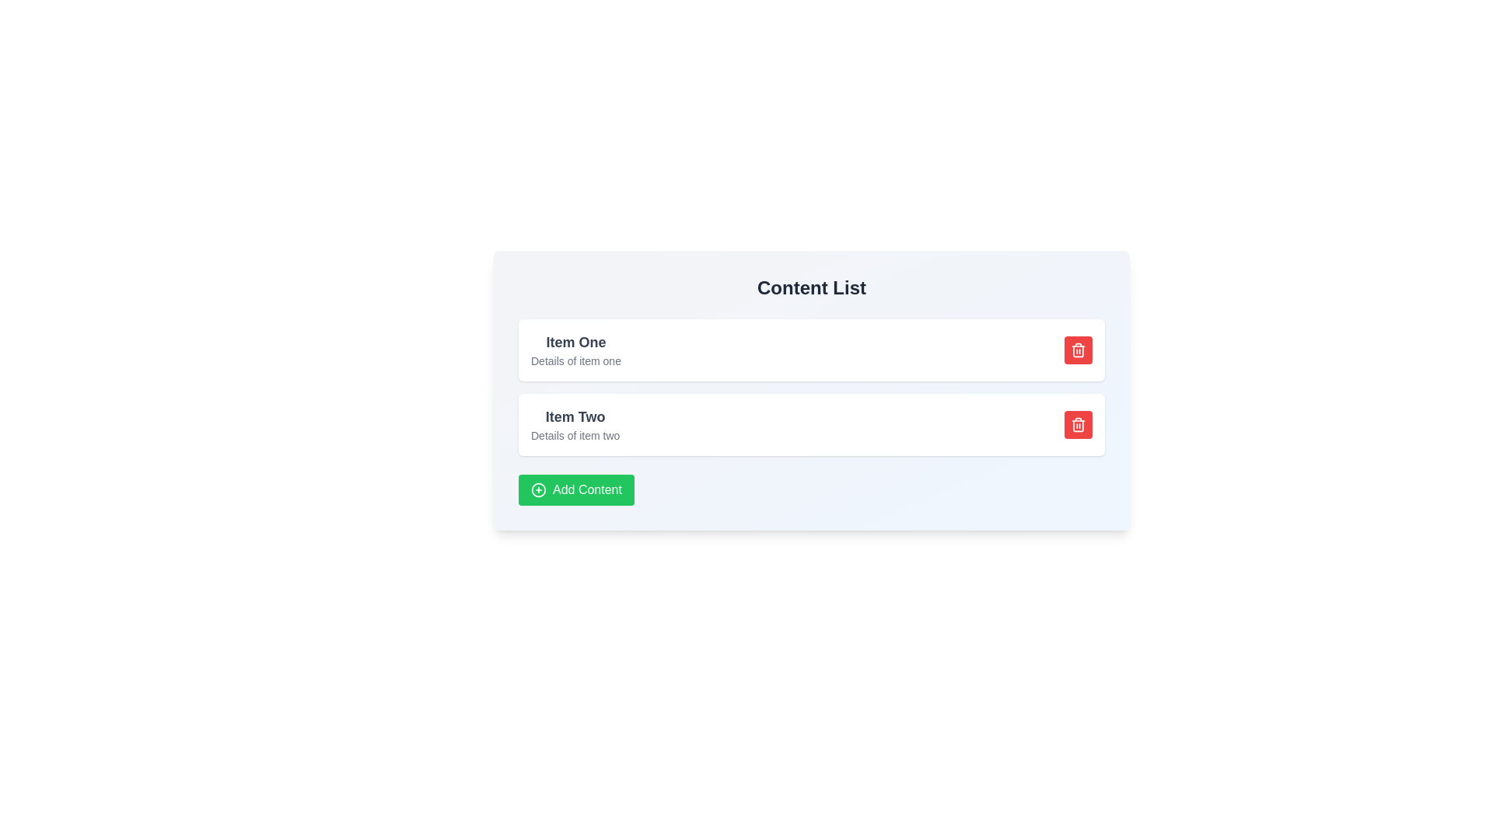 The width and height of the screenshot is (1493, 839). I want to click on the Text Label that serves as the title for the associated content card, located at the top of the list above the secondary description text, so click(575, 341).